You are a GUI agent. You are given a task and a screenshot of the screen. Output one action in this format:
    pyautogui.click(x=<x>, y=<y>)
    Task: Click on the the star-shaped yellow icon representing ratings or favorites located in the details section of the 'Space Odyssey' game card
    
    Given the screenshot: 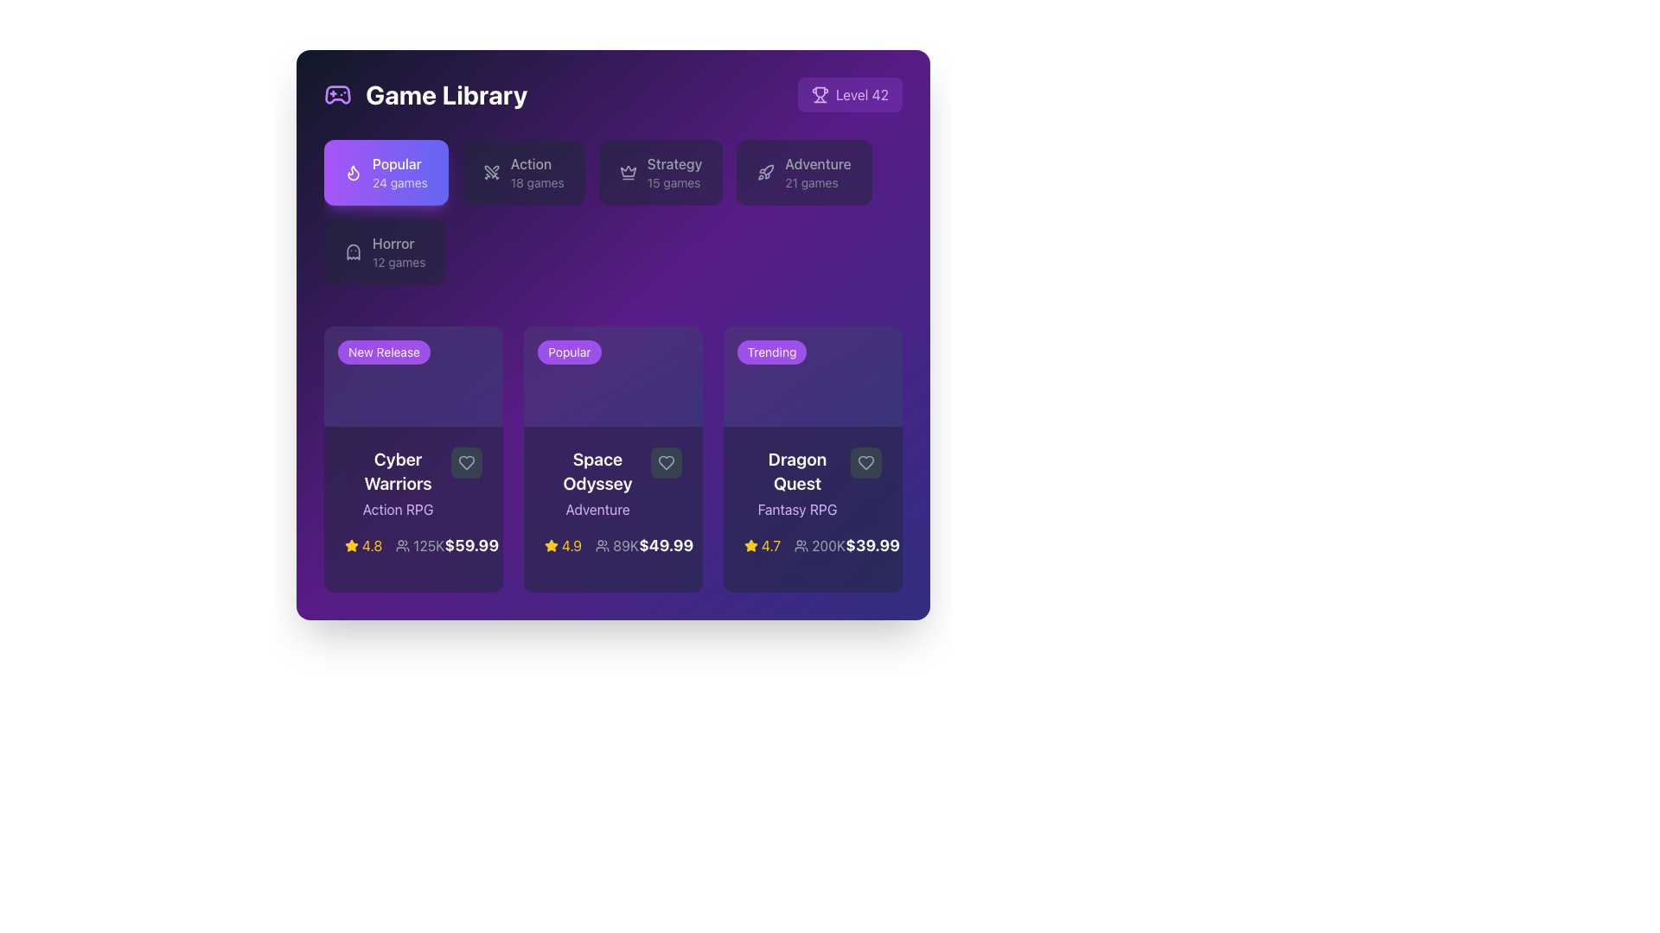 What is the action you would take?
    pyautogui.click(x=351, y=546)
    